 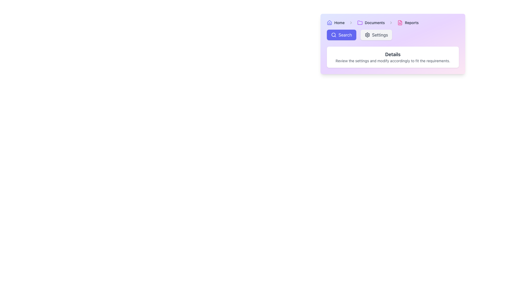 I want to click on the 'Home' icon located at the beginning of the row of items in the navigational bar, adjacent to the text 'Home', so click(x=329, y=22).